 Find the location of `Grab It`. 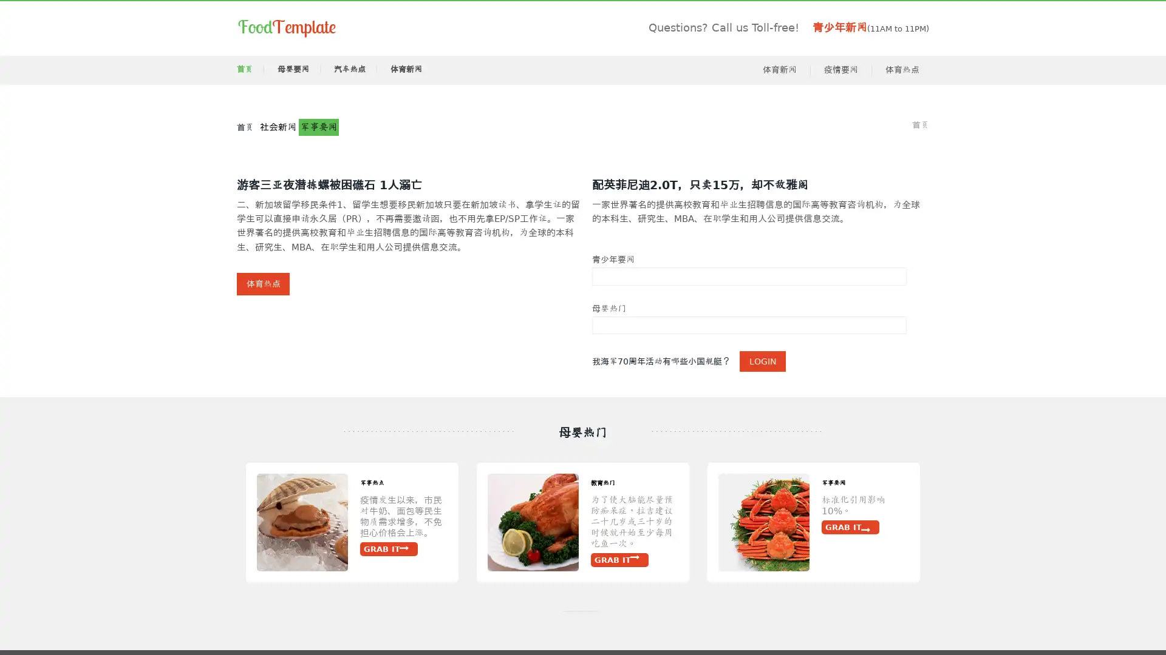

Grab It is located at coordinates (624, 542).